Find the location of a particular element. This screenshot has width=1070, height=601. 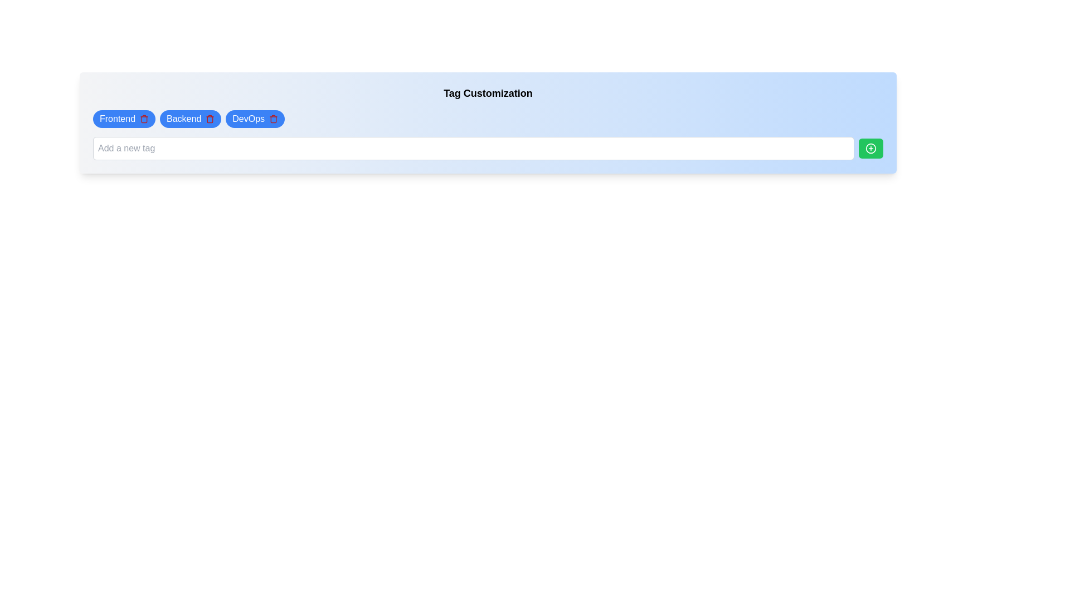

the green button with rounded corners and a white plus sign icon in its center to initiate its function is located at coordinates (870, 147).